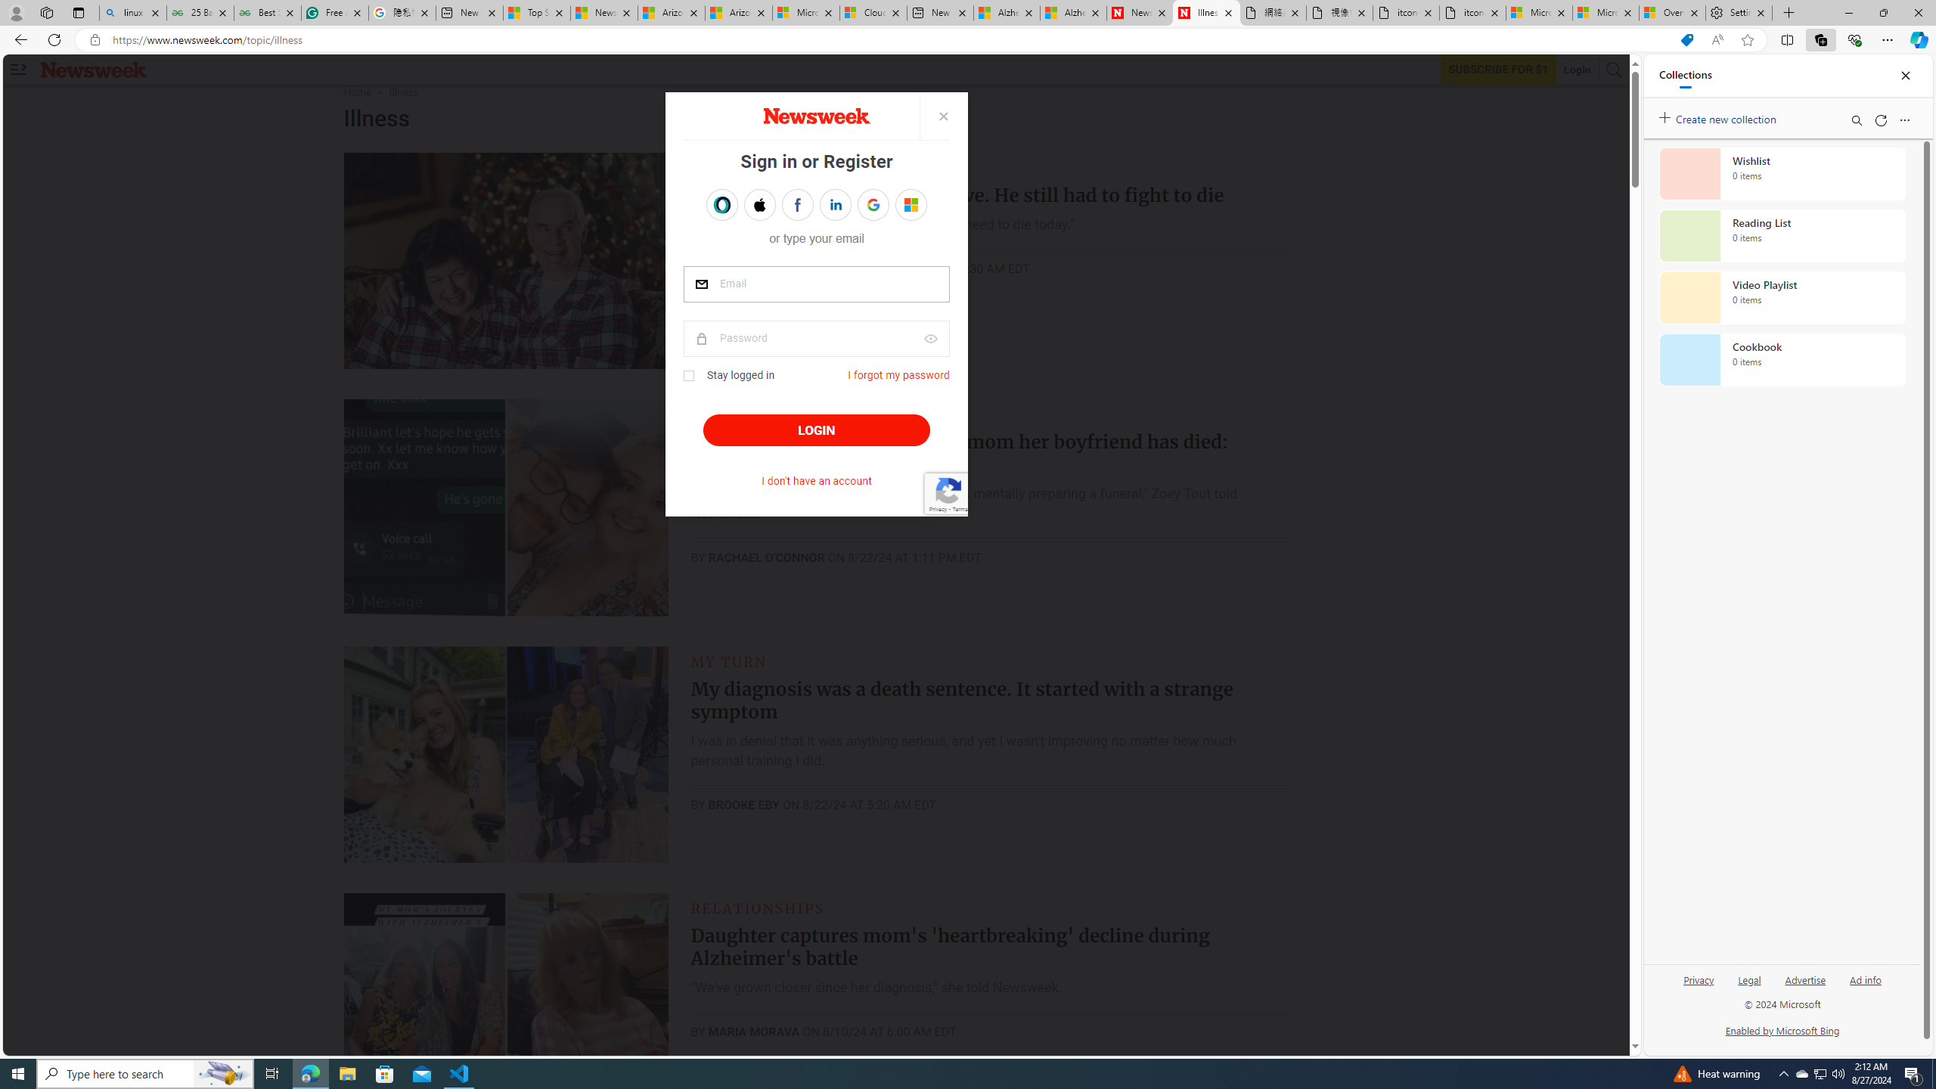  Describe the element at coordinates (900, 203) in the screenshot. I see `'Eugene'` at that location.